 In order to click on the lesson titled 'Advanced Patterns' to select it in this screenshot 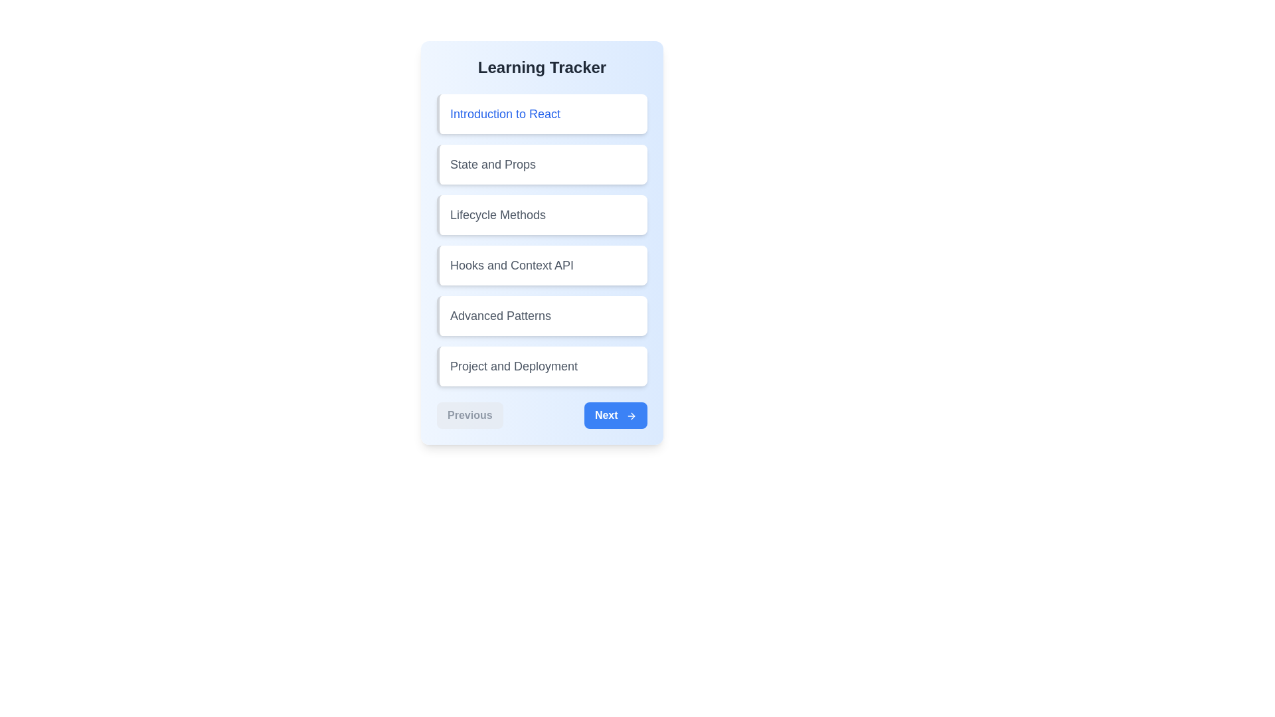, I will do `click(542, 315)`.